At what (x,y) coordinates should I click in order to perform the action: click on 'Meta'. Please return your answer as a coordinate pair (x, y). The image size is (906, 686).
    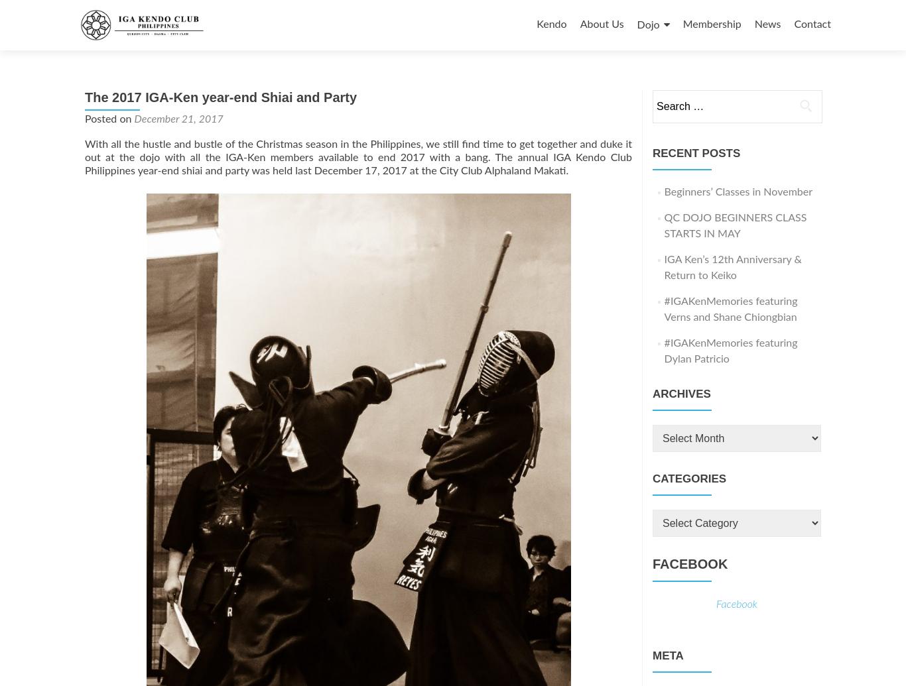
    Looking at the image, I should click on (668, 655).